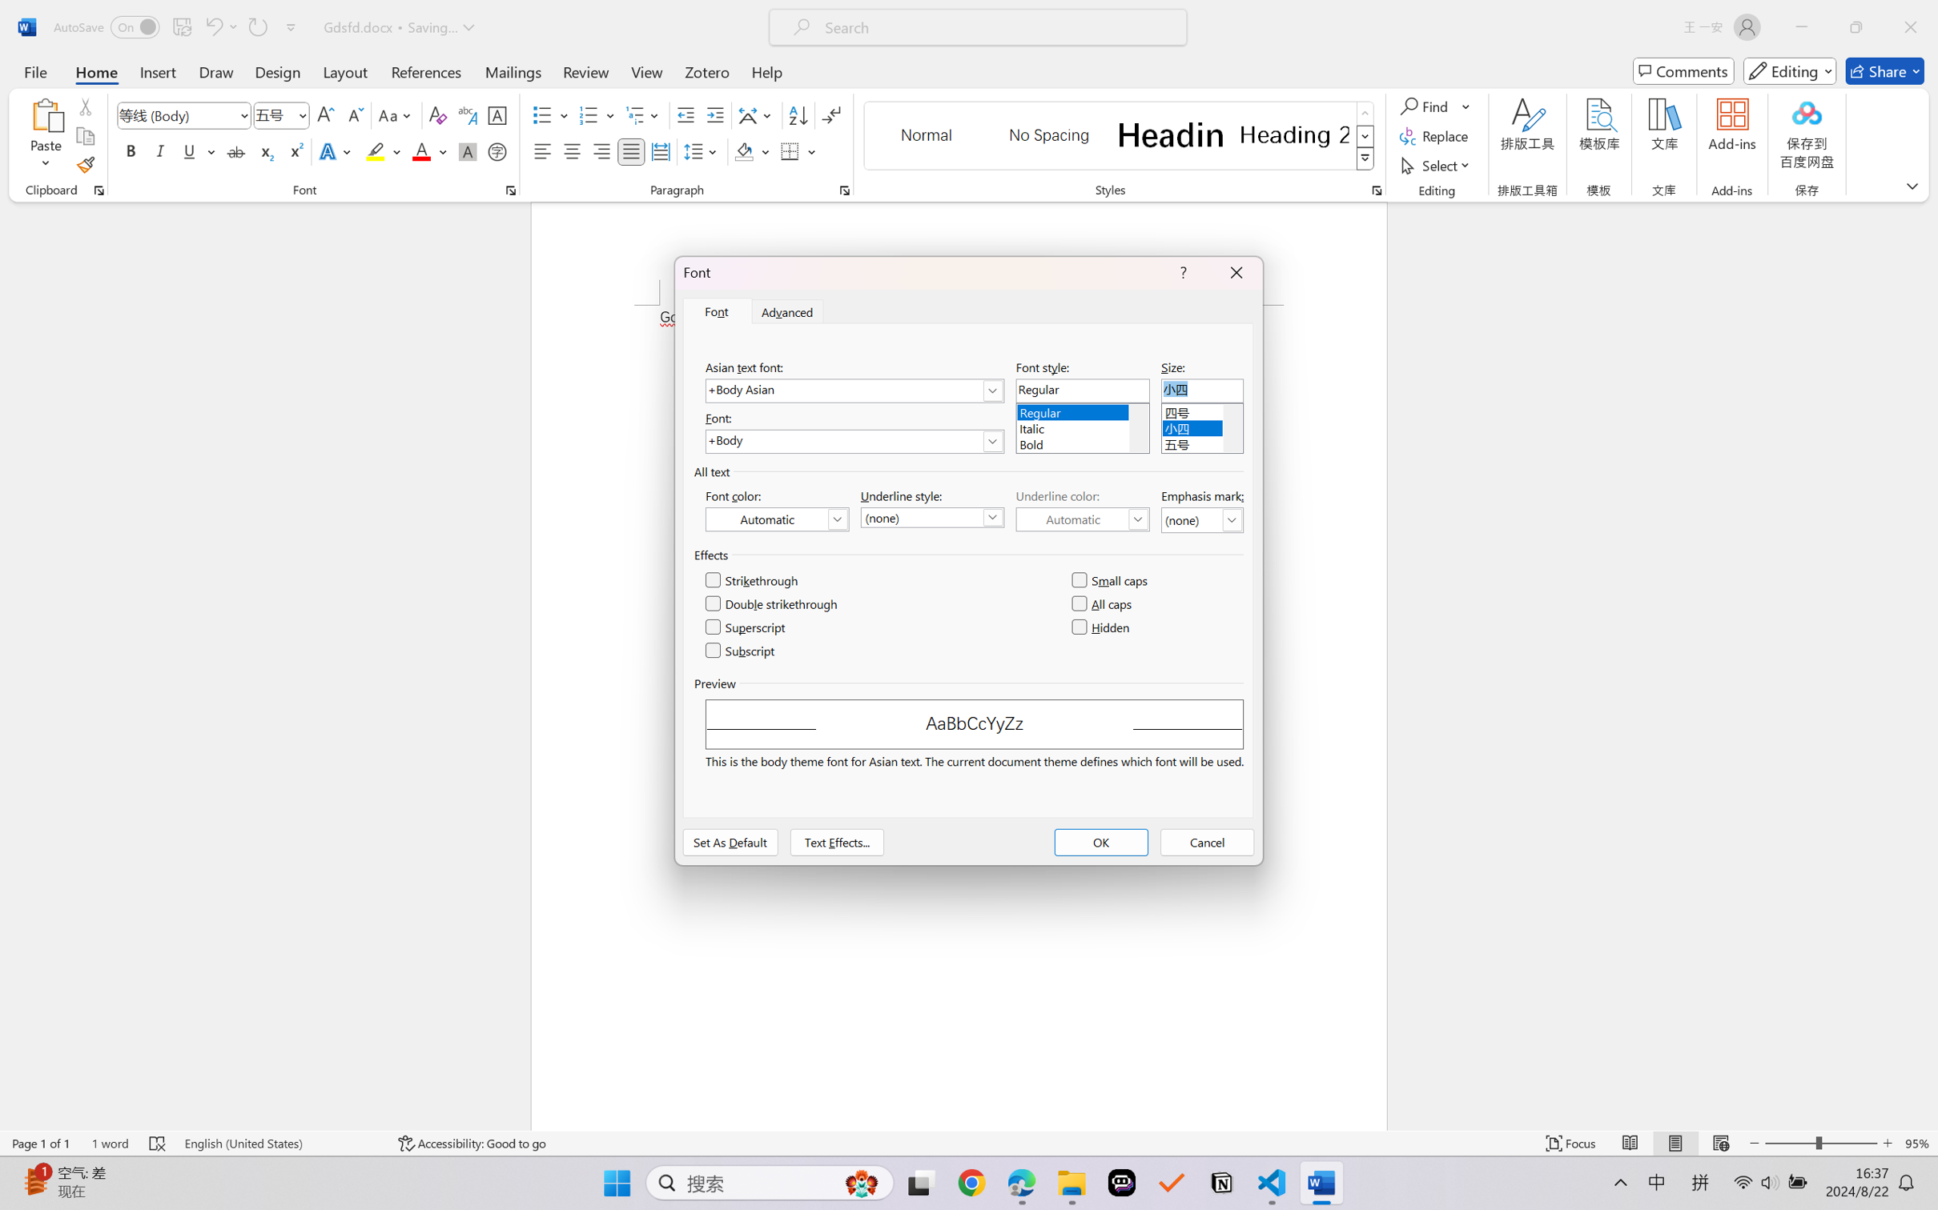 The width and height of the screenshot is (1938, 1210). I want to click on 'Hidden', so click(1100, 627).